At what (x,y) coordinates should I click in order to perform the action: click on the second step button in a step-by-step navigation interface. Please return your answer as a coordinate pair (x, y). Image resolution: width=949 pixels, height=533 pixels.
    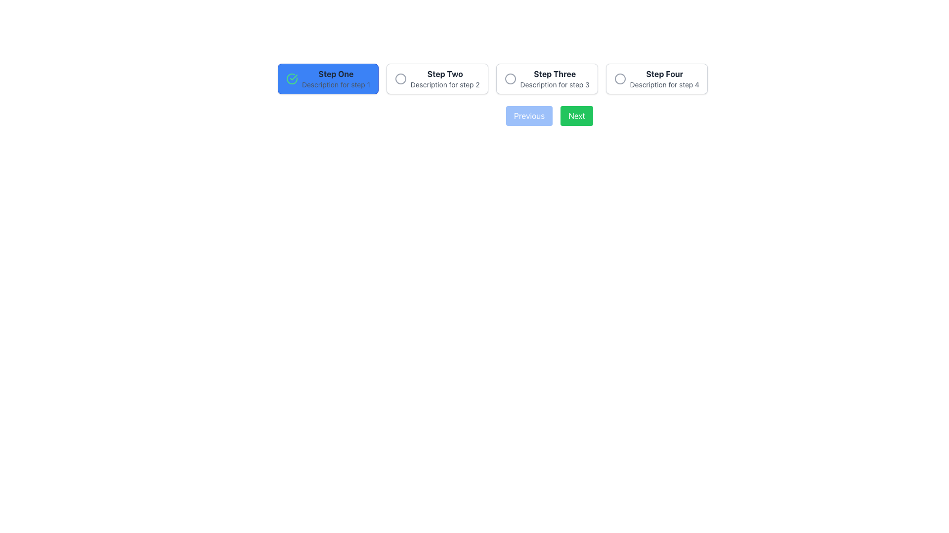
    Looking at the image, I should click on (436, 78).